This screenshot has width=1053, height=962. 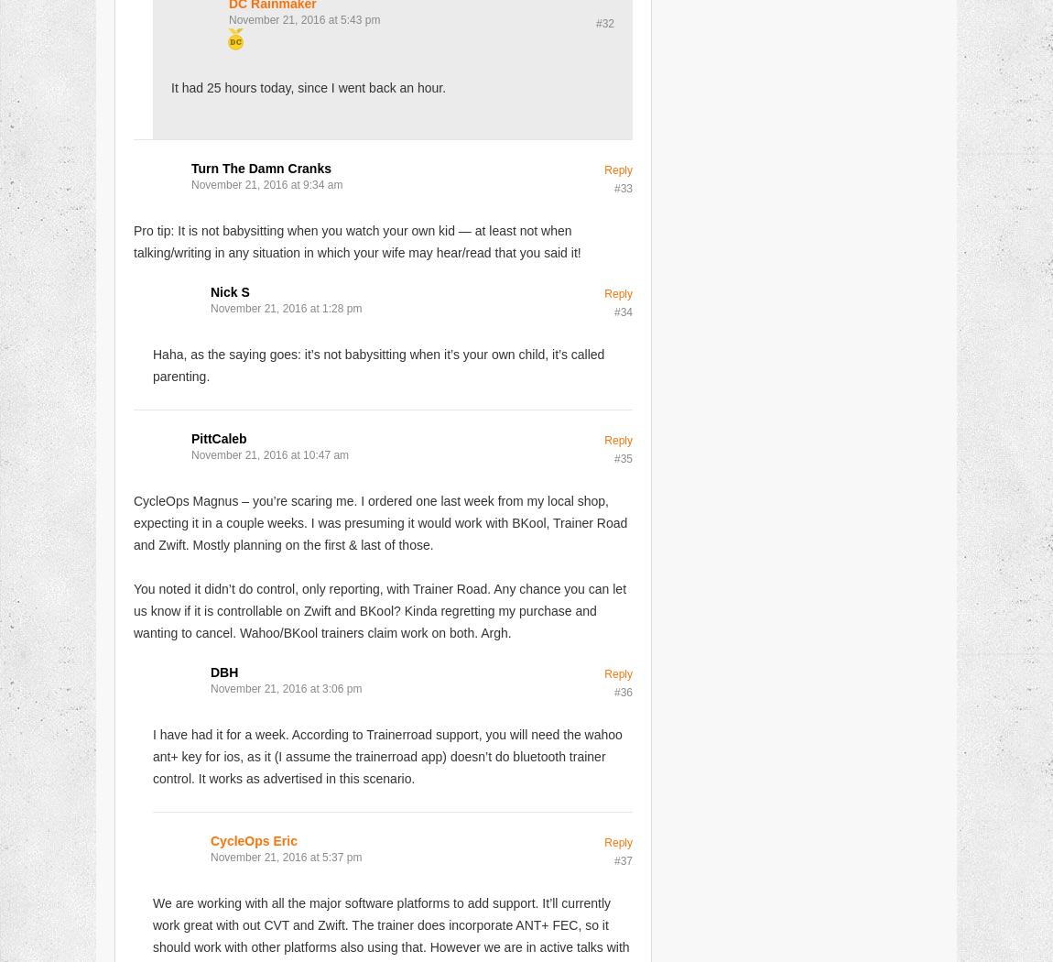 What do you see at coordinates (622, 186) in the screenshot?
I see `'#33'` at bounding box center [622, 186].